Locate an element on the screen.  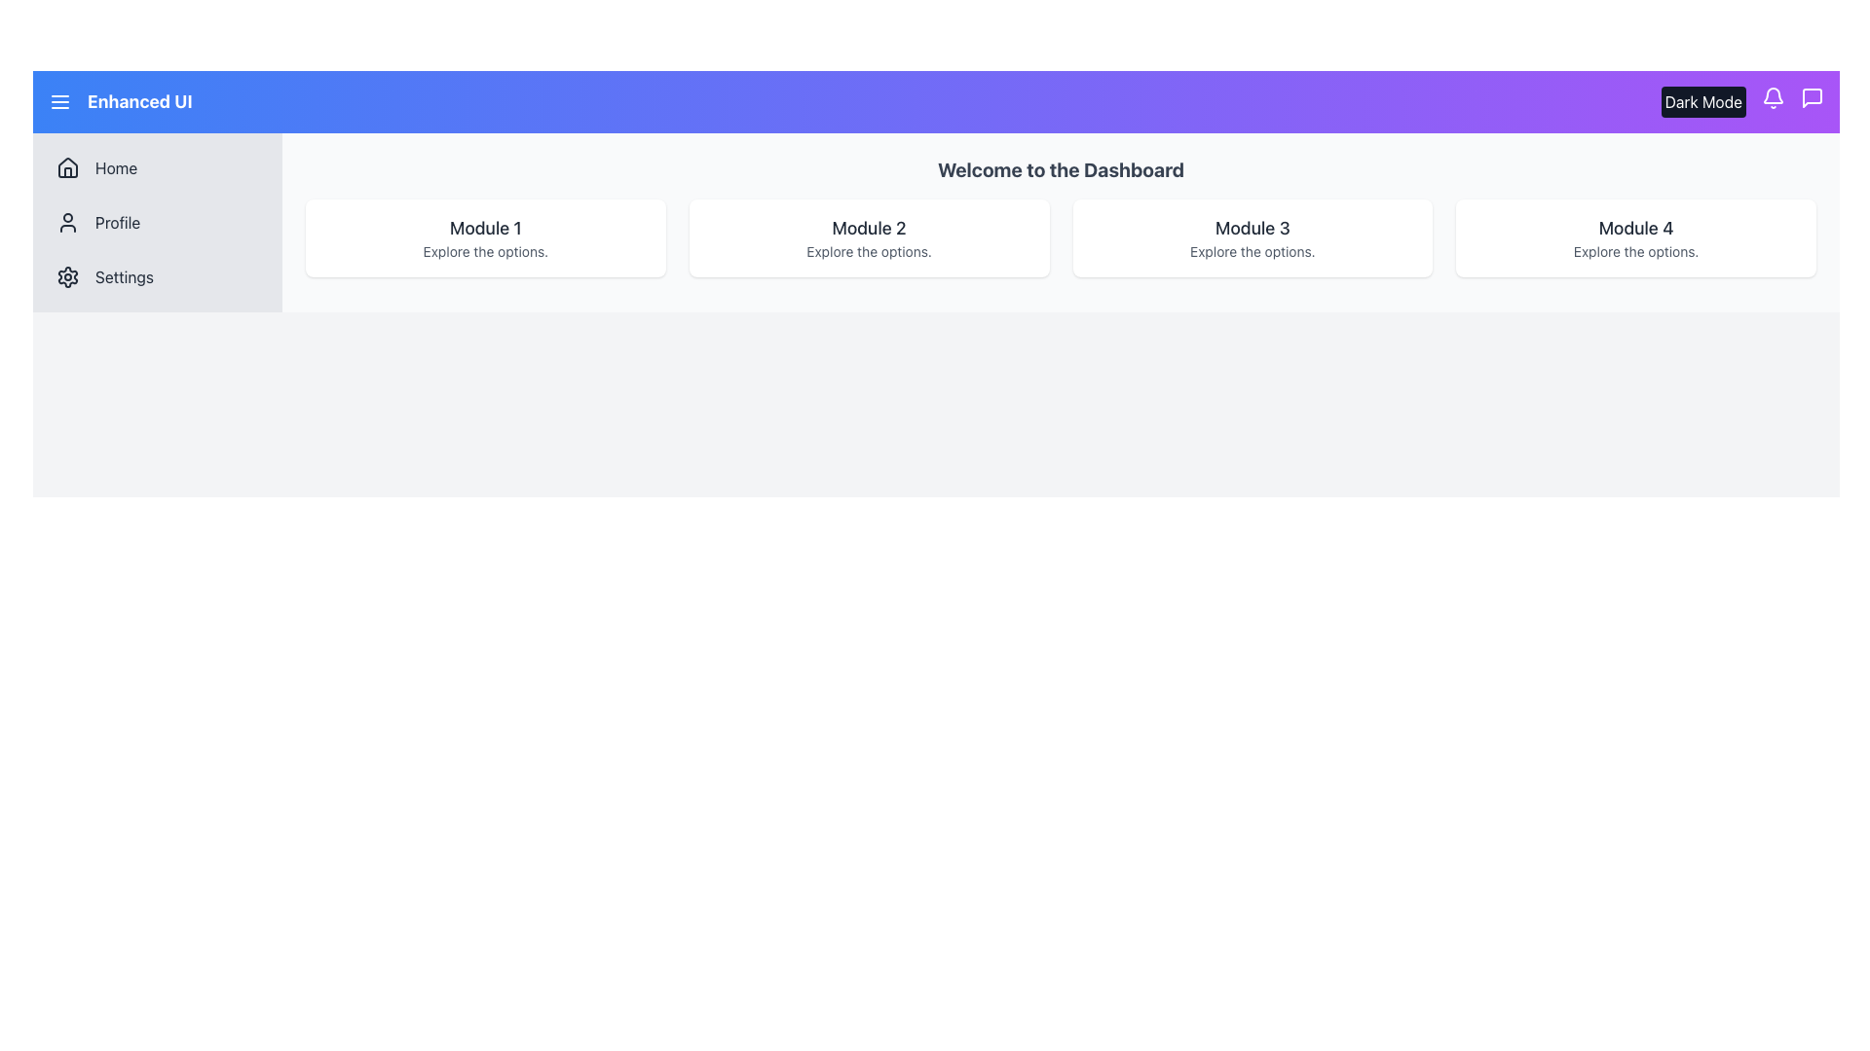
the home icon located at the top-left corner of the sidebar menu, which is styled with a minimalist design and is paired with the 'Home' text label is located at coordinates (68, 167).